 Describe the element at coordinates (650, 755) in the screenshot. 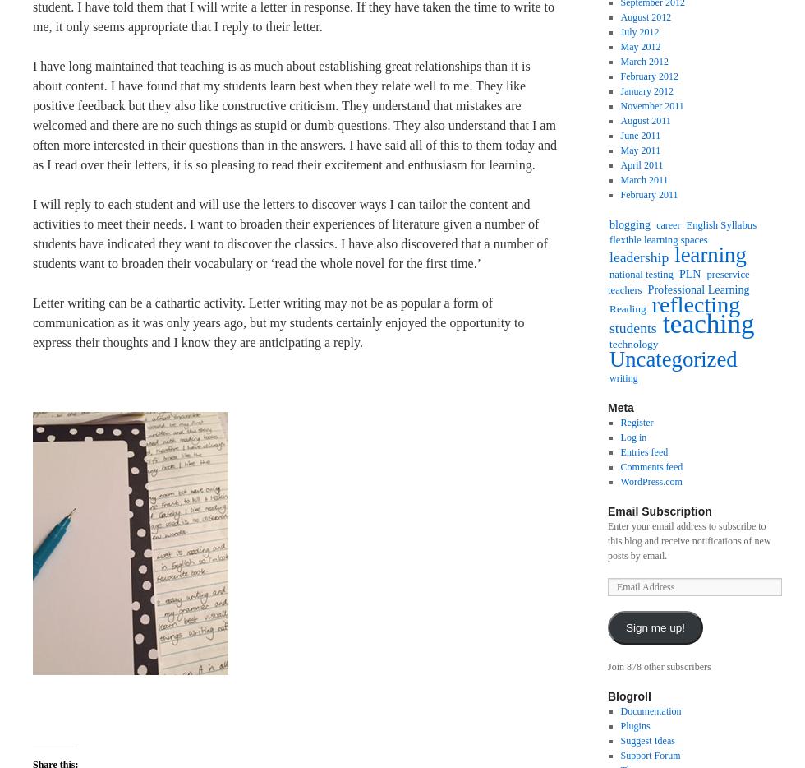

I see `'Support Forum'` at that location.